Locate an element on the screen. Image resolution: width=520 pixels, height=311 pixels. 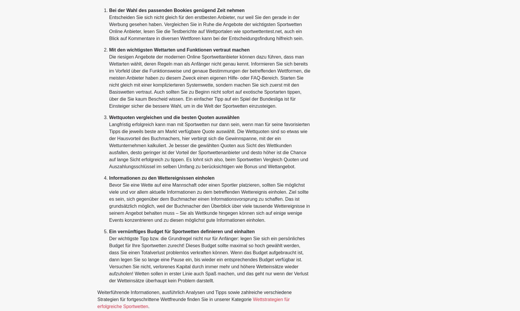
'Bei der Wahl des passenden Bookies genügend Zeit nehmen' is located at coordinates (177, 10).